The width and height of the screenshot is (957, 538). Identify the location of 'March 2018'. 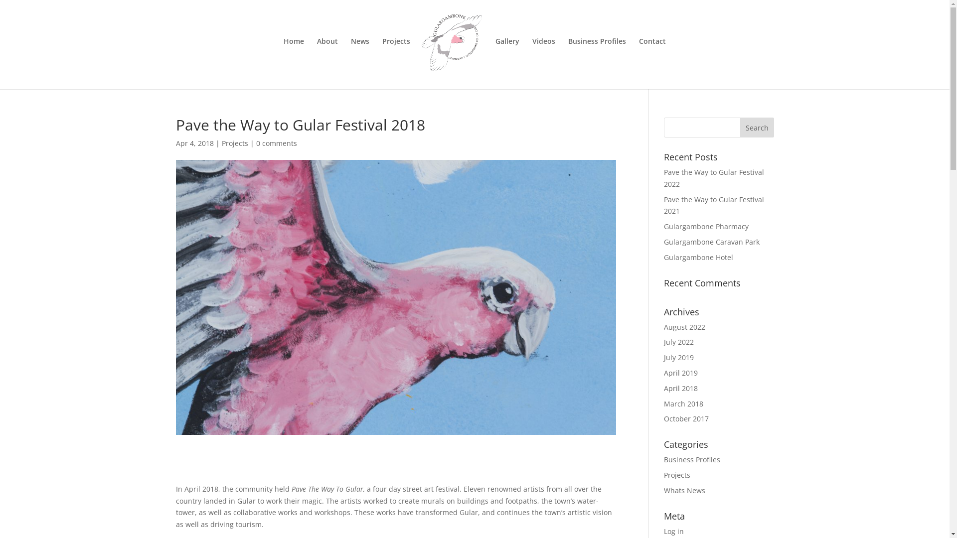
(683, 403).